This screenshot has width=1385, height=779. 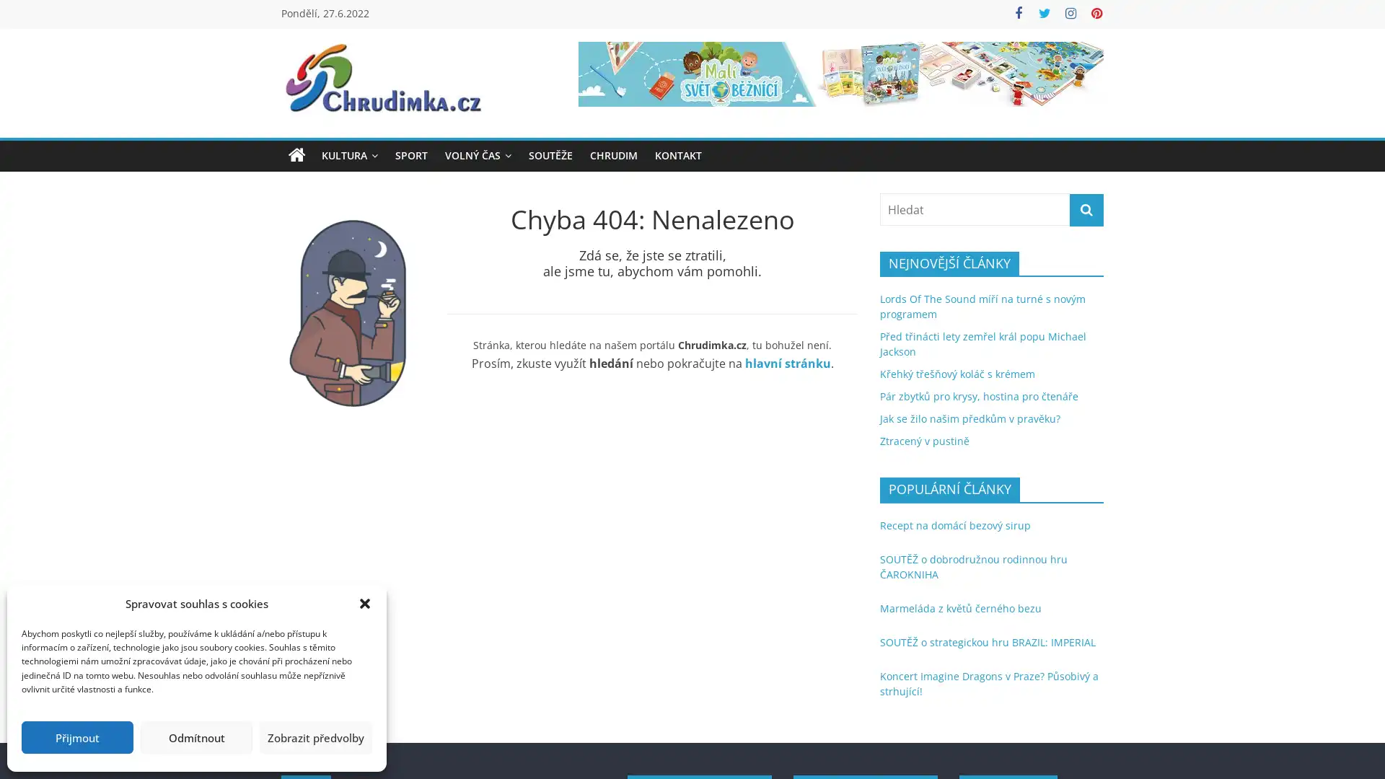 I want to click on Odmitnout, so click(x=195, y=737).